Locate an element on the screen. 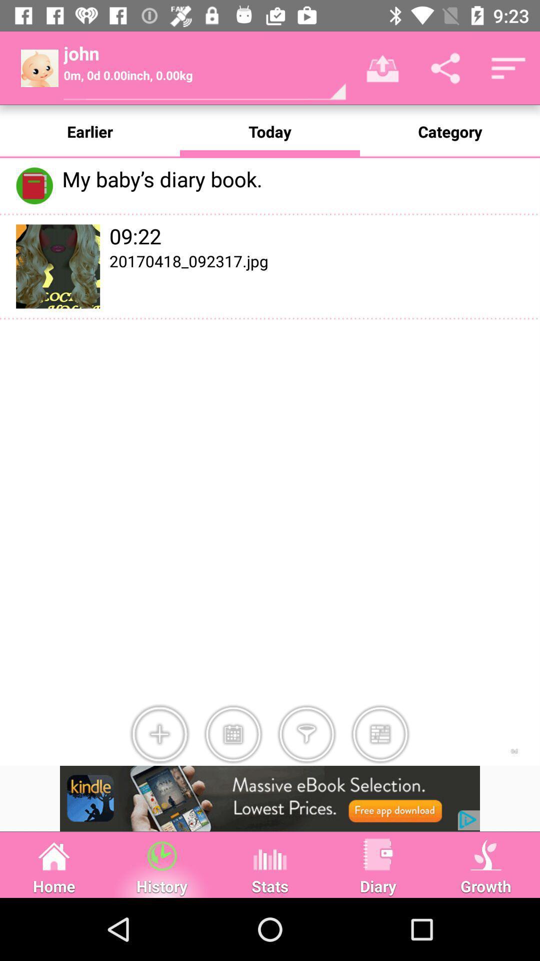 The width and height of the screenshot is (540, 961). the date_range icon is located at coordinates (380, 734).